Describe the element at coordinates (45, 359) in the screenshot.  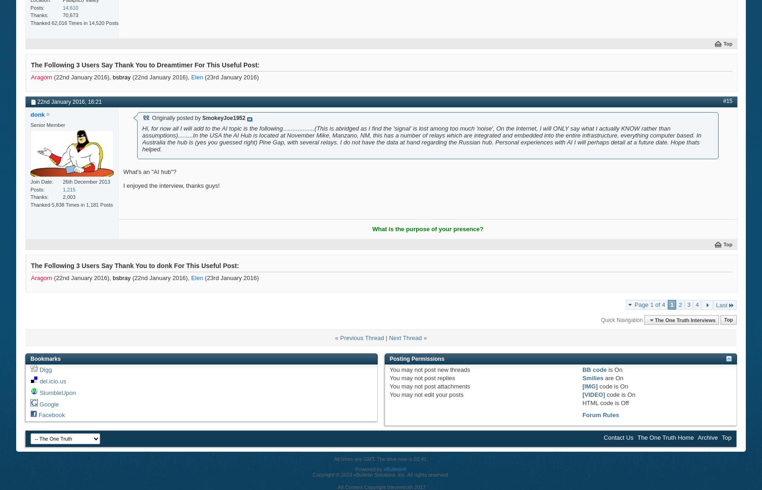
I see `'Bookmarks'` at that location.